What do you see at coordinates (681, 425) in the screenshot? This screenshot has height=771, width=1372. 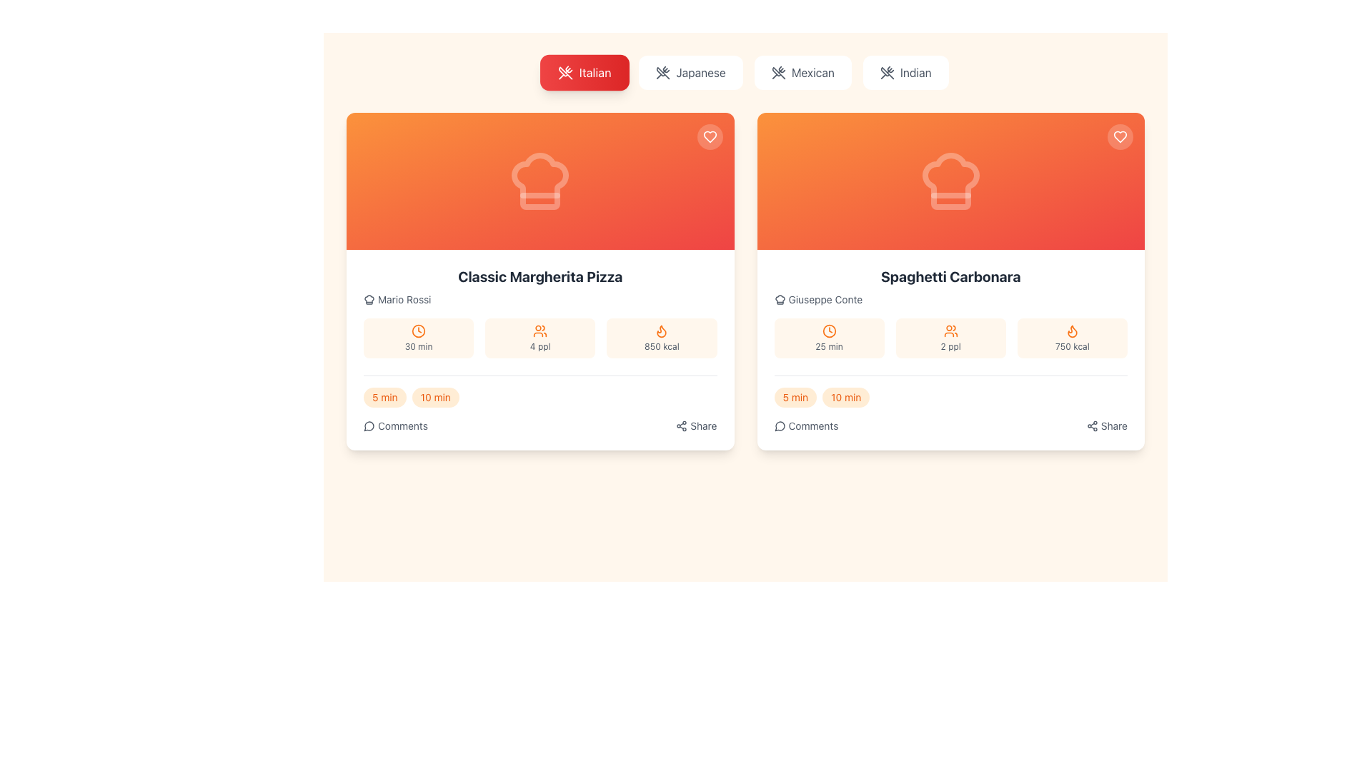 I see `the share icon located in the bottom-right corner of the 'Classic Margherita Pizza' card` at bounding box center [681, 425].